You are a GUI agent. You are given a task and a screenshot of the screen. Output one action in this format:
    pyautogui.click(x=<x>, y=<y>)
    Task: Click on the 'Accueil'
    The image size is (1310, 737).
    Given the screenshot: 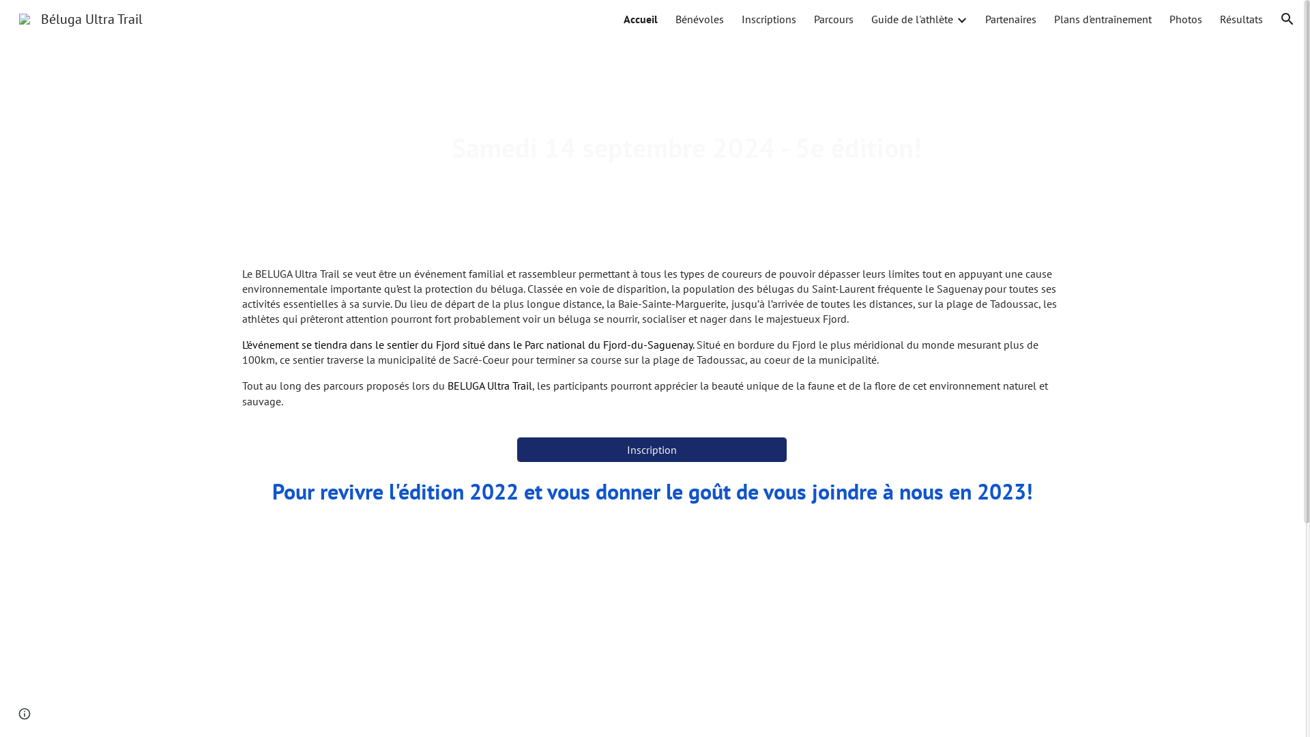 What is the action you would take?
    pyautogui.click(x=640, y=18)
    